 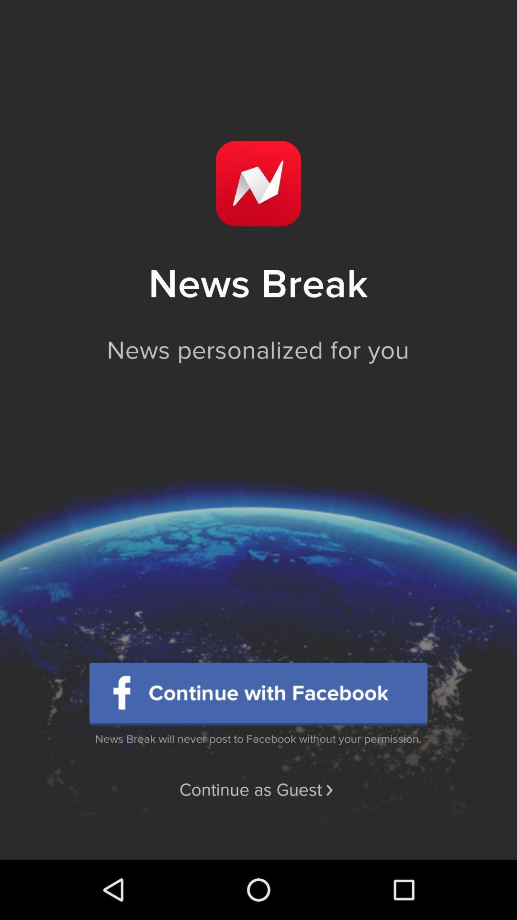 I want to click on the continue as guest item, so click(x=258, y=790).